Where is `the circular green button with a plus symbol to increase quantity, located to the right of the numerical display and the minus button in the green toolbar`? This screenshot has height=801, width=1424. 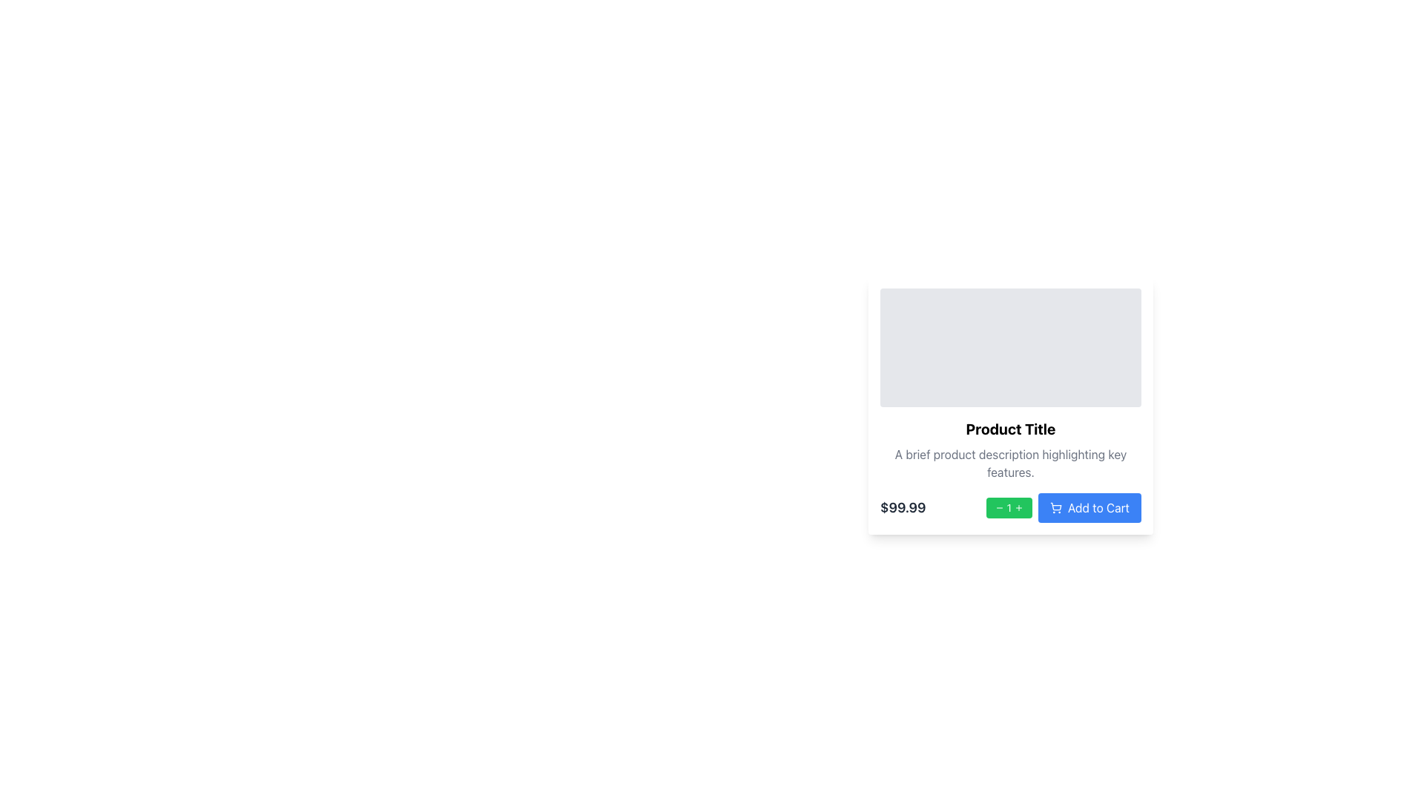 the circular green button with a plus symbol to increase quantity, located to the right of the numerical display and the minus button in the green toolbar is located at coordinates (1018, 507).